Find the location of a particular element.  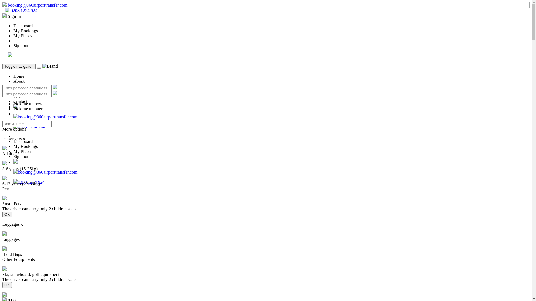

'Contact' is located at coordinates (13, 101).